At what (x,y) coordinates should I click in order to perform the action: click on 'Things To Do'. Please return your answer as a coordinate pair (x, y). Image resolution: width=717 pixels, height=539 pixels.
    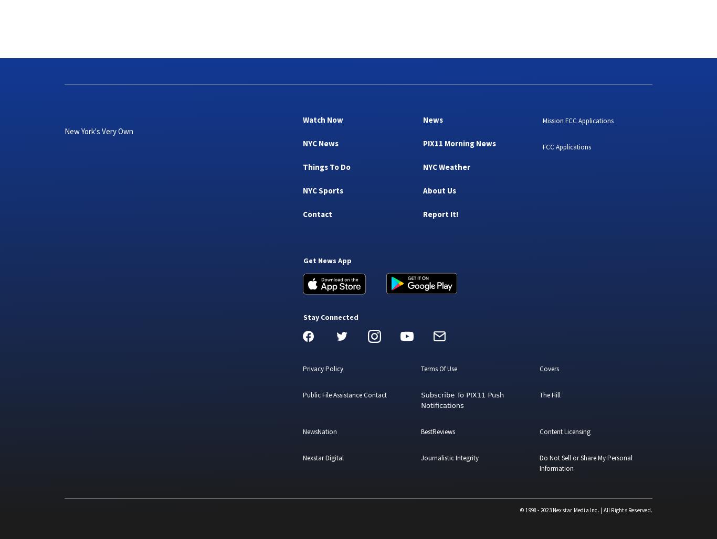
    Looking at the image, I should click on (326, 166).